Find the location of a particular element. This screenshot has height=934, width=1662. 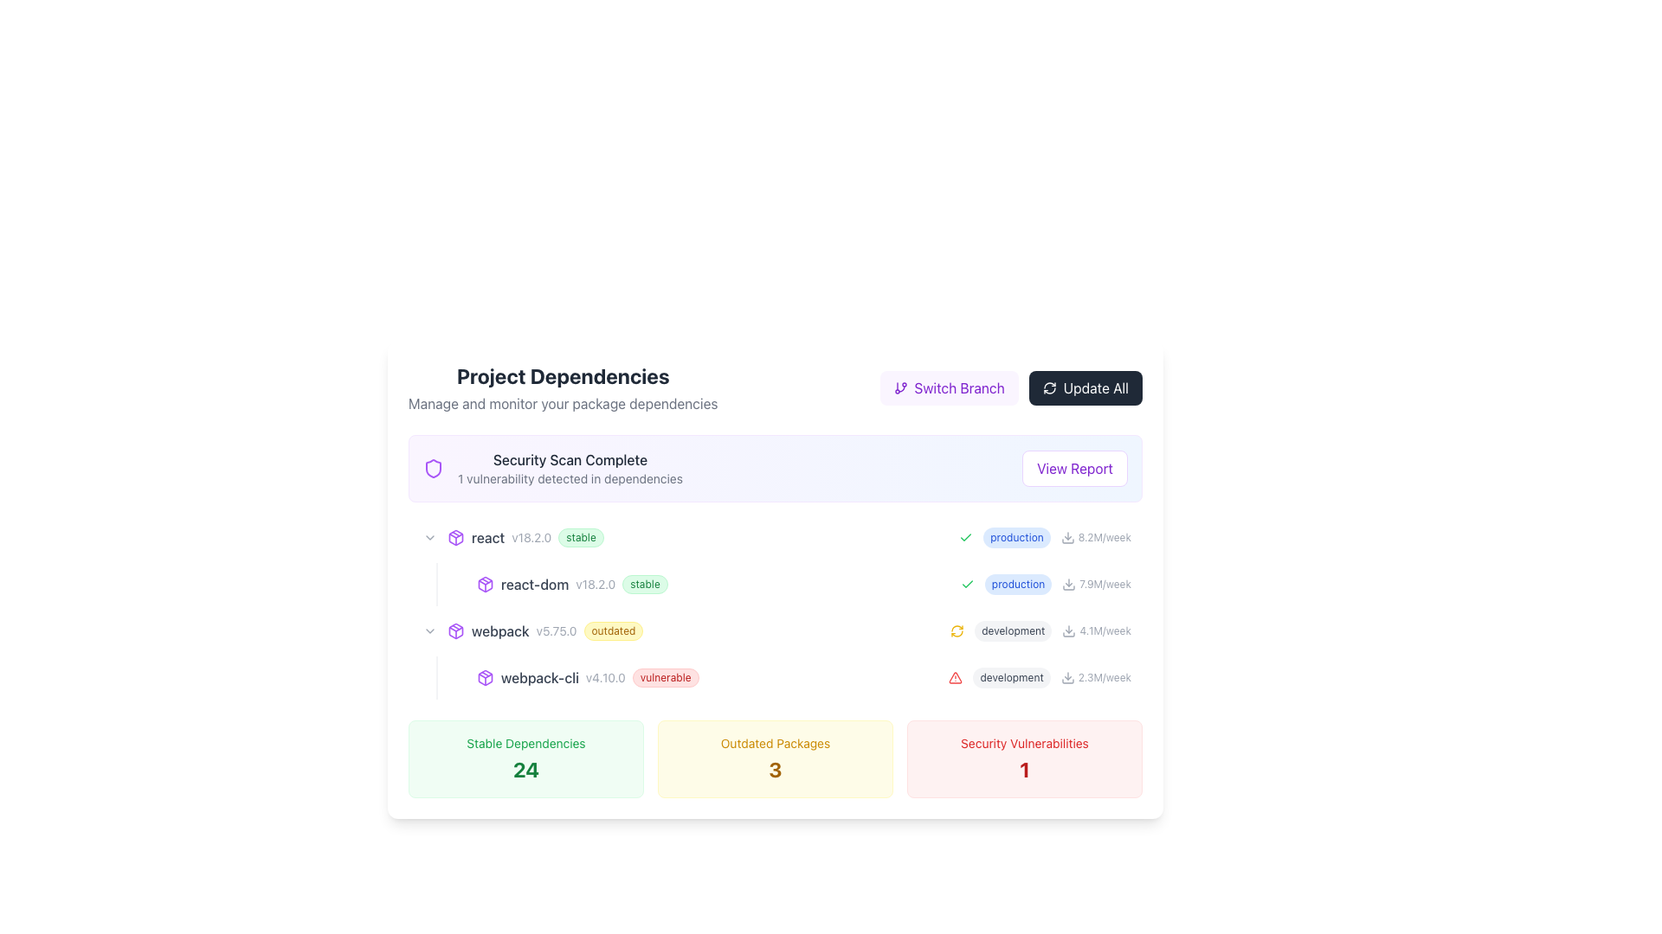

the text label displaying '1 vulnerability detected in dependencies', which is located below the header 'Security Scan Complete' is located at coordinates (570, 479).